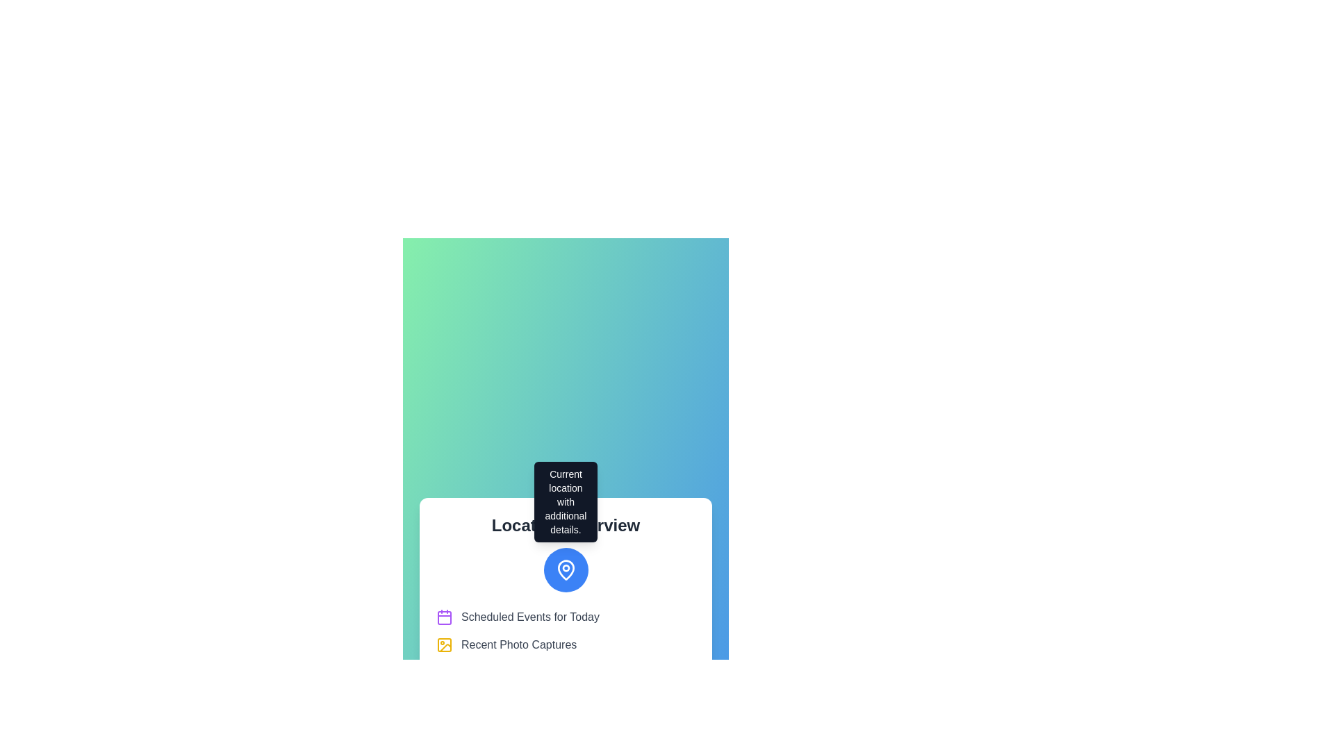 Image resolution: width=1334 pixels, height=750 pixels. I want to click on the label 'Recent Photo Captures' which includes a yellow image icon, positioned between 'Scheduled Events for Today' and 'Important Updates', so click(566, 645).